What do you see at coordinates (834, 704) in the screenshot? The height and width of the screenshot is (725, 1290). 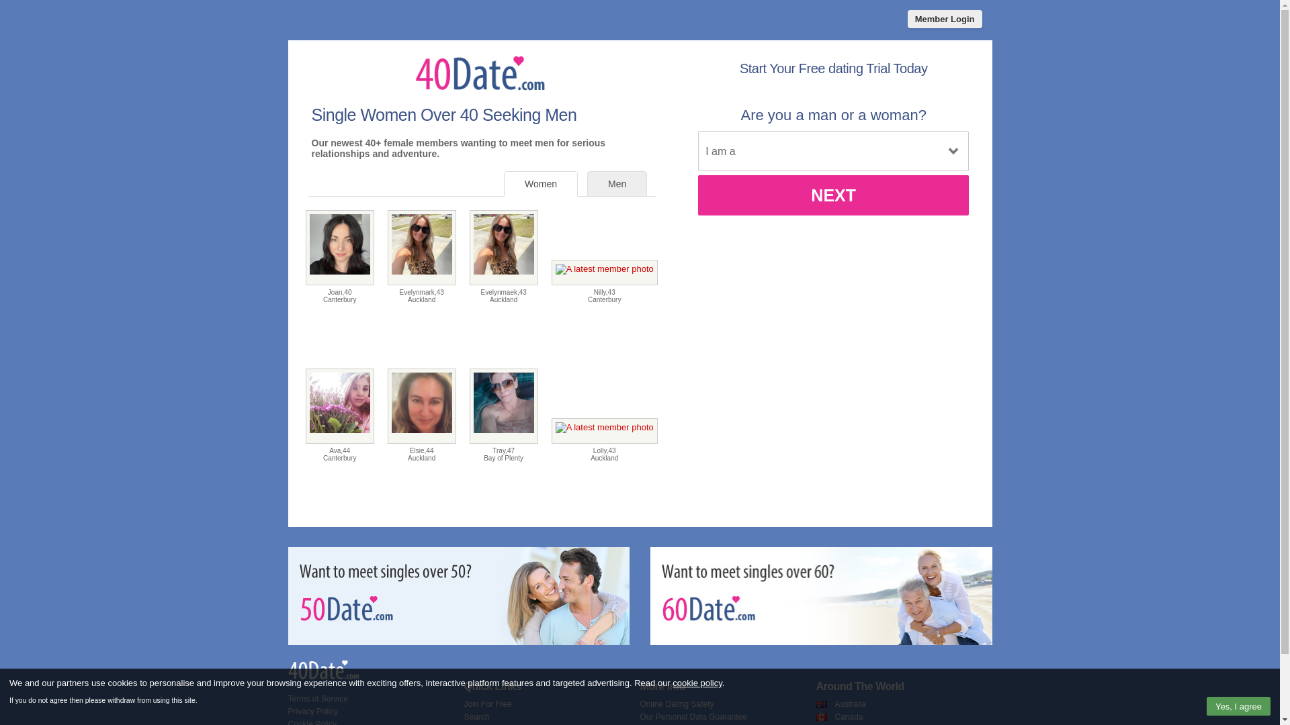 I see `'Australia'` at bounding box center [834, 704].